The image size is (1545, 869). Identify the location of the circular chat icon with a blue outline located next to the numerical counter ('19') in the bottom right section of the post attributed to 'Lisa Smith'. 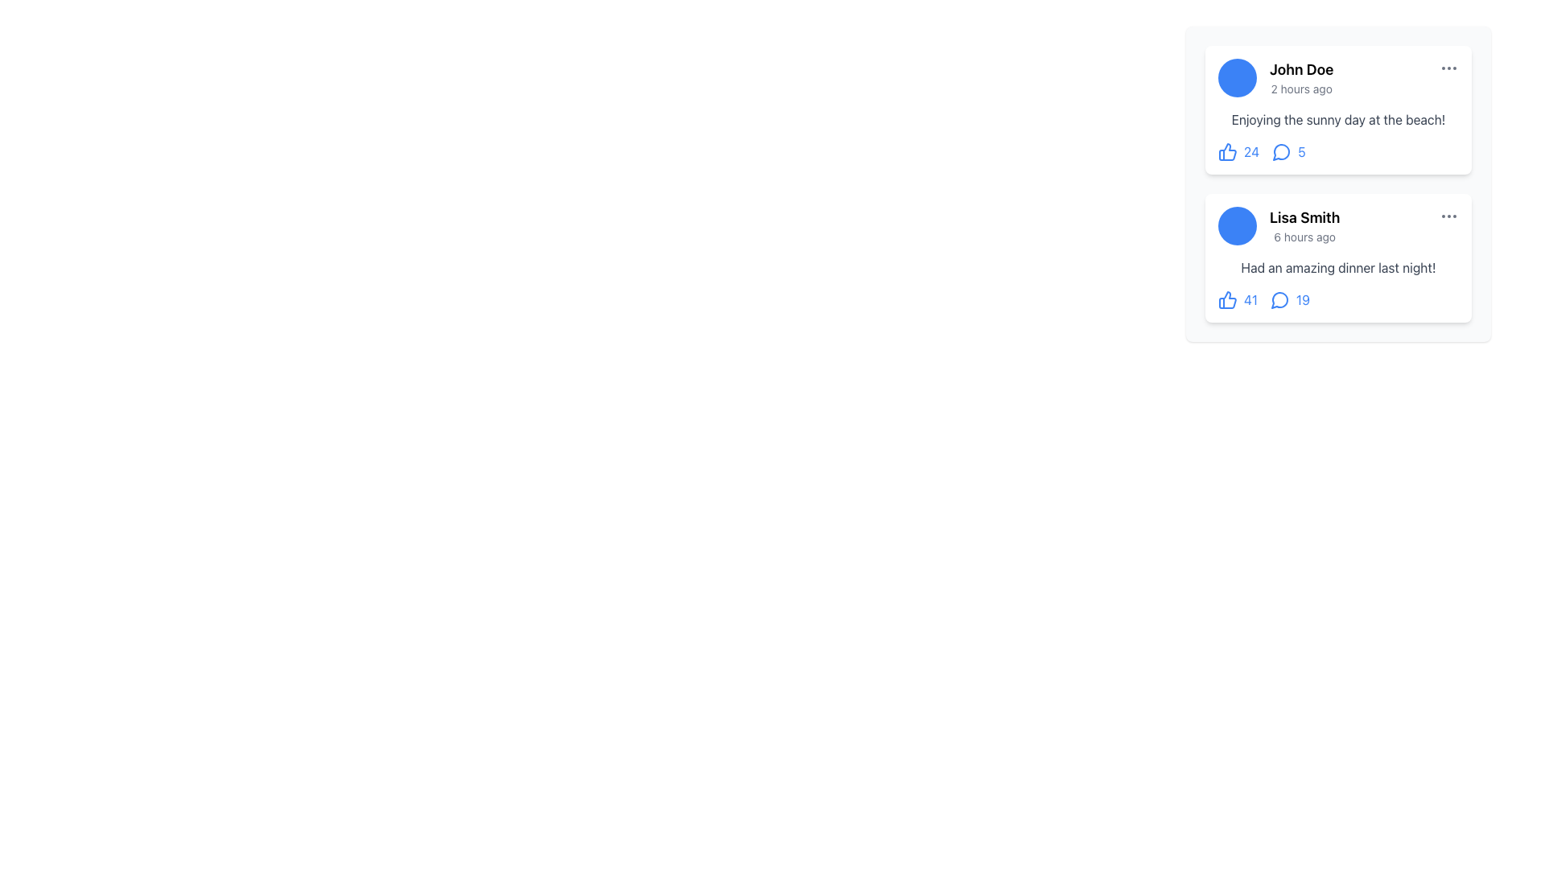
(1279, 300).